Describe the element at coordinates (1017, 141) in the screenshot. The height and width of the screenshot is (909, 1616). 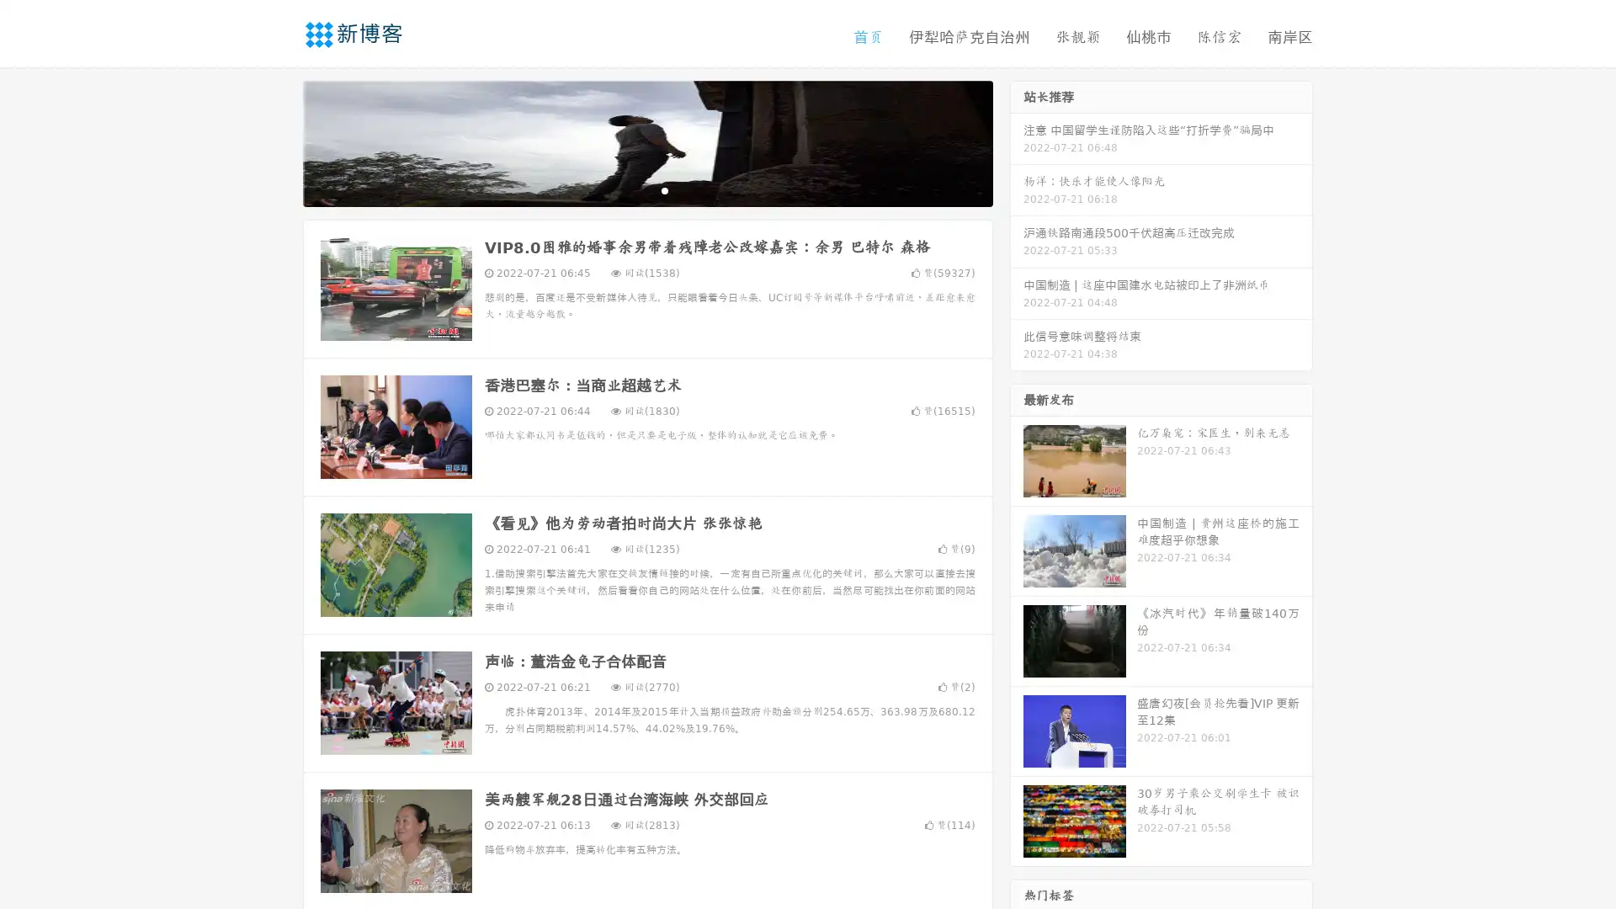
I see `Next slide` at that location.